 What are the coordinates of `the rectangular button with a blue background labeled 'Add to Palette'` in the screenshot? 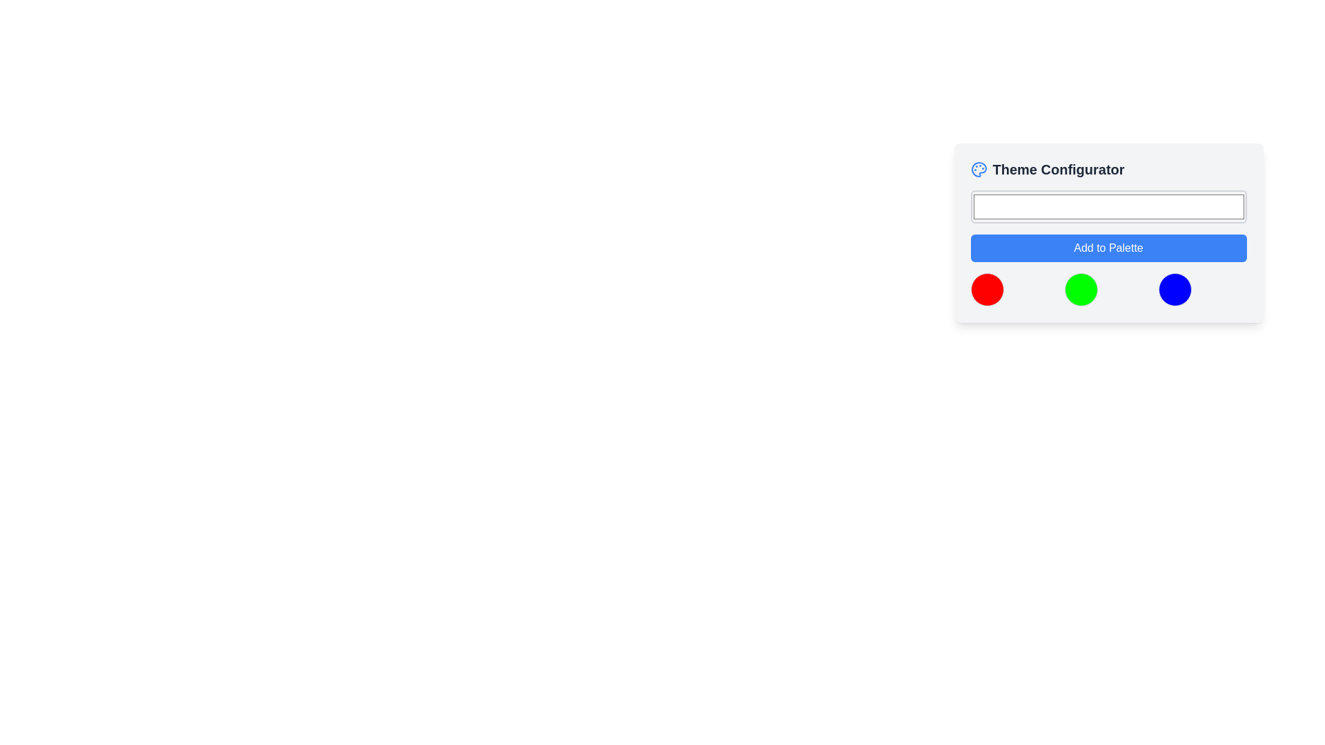 It's located at (1108, 247).